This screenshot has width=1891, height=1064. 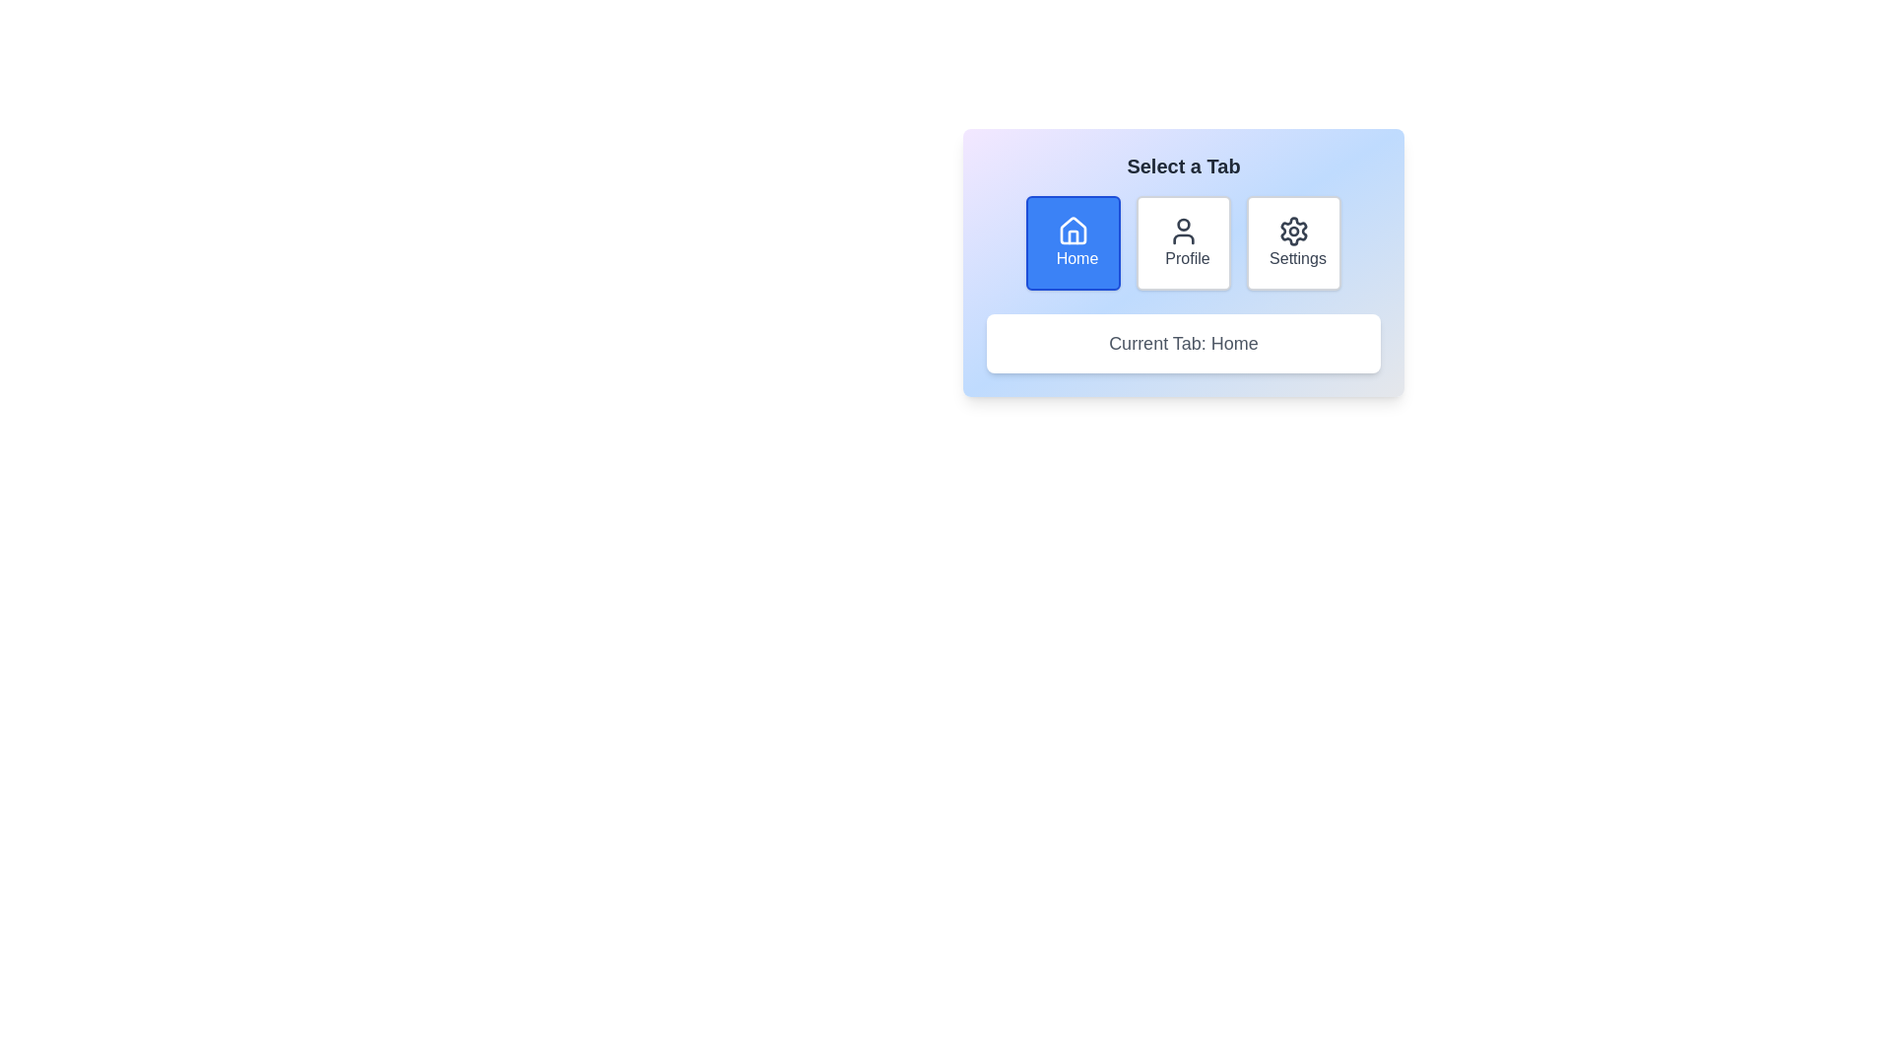 What do you see at coordinates (1182, 241) in the screenshot?
I see `the 'Profile' button, which is the second button in the set of three buttons on the 'Select a Tab' card` at bounding box center [1182, 241].